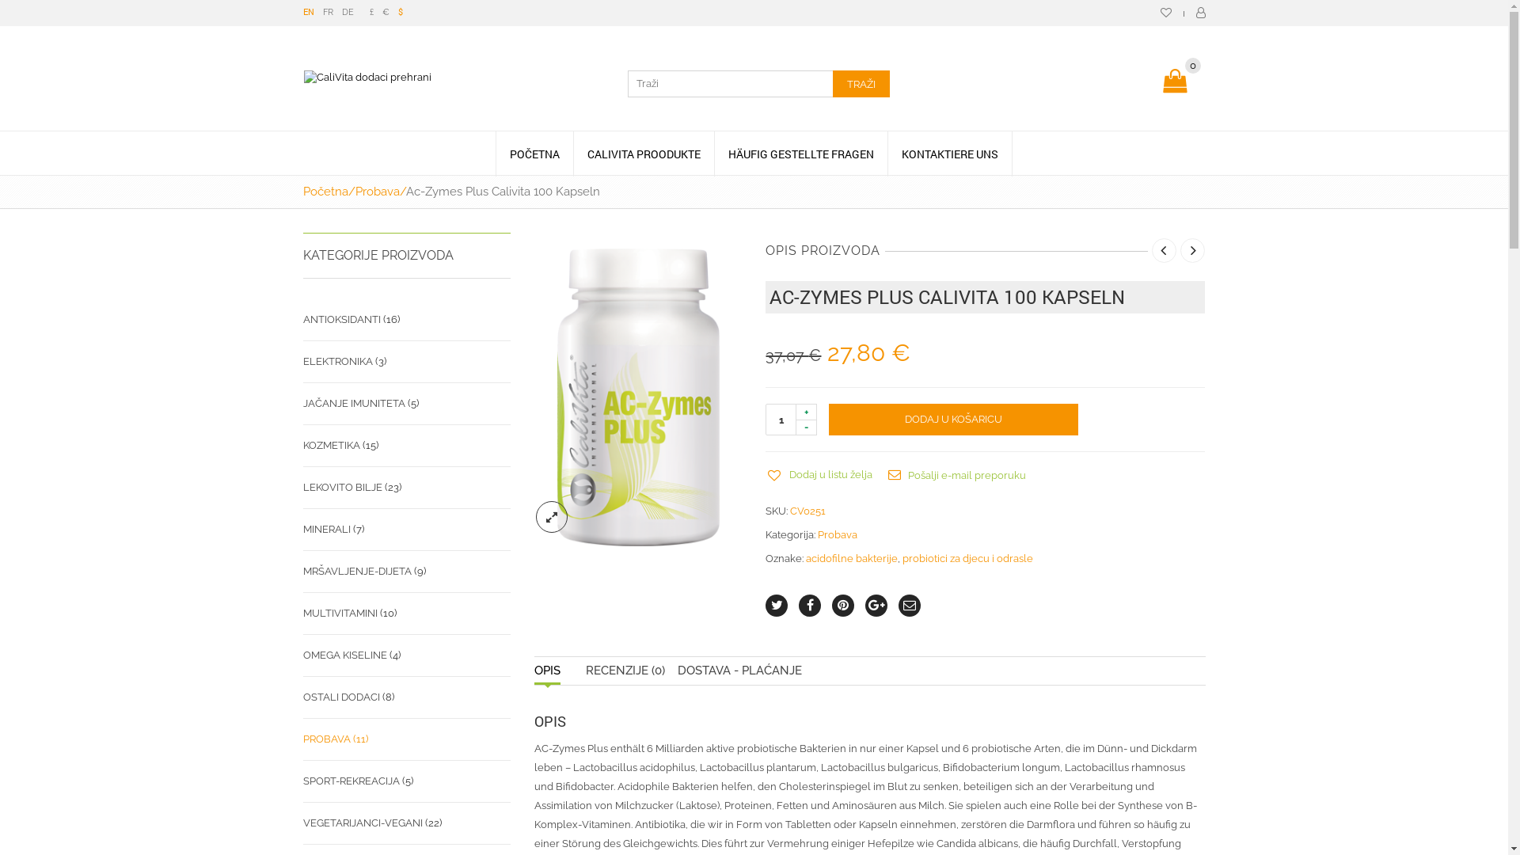 The height and width of the screenshot is (855, 1520). Describe the element at coordinates (341, 487) in the screenshot. I see `'LEKOVITO BILJE'` at that location.